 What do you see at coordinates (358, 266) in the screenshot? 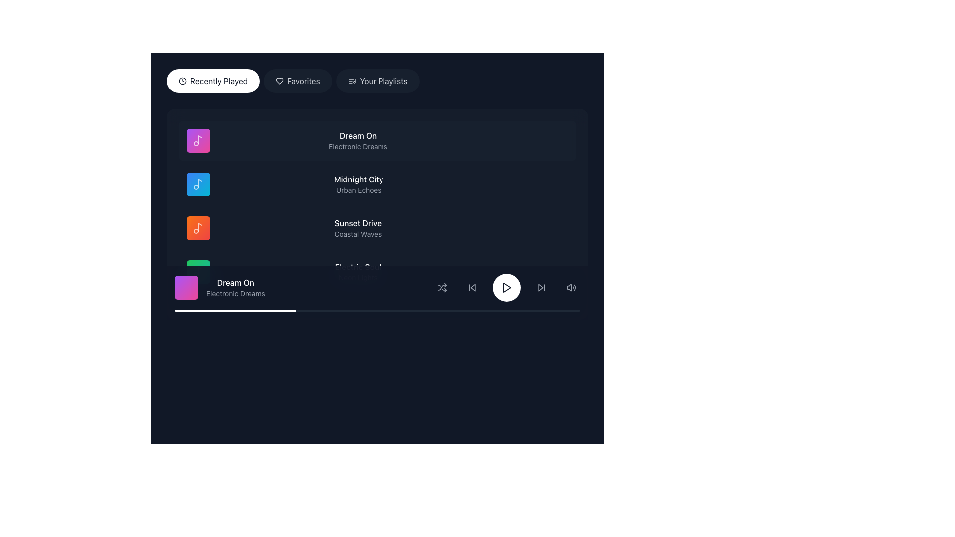
I see `the text label displaying 'Electric Soul' in a dark-themed music interface, which is styled in white font and positioned above the smaller gray text 'Neon Lights'` at bounding box center [358, 266].